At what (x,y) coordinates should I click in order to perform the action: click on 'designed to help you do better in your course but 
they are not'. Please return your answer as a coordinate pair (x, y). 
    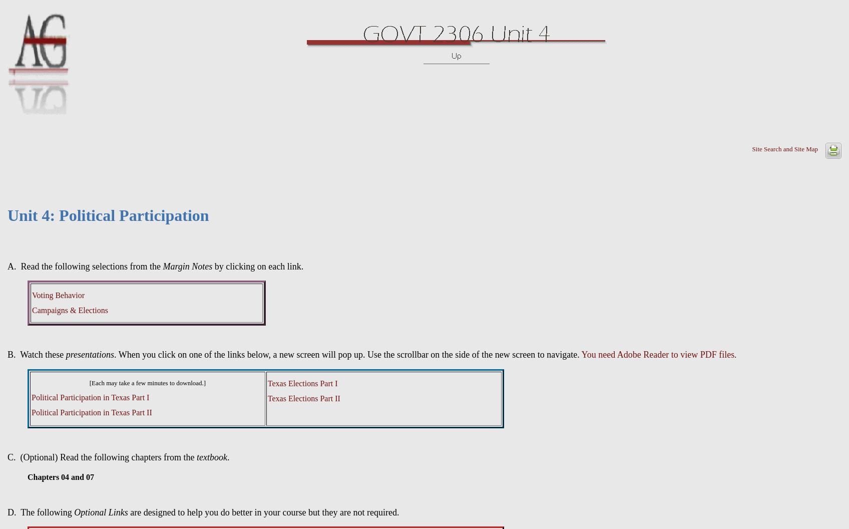
    Looking at the image, I should click on (143, 512).